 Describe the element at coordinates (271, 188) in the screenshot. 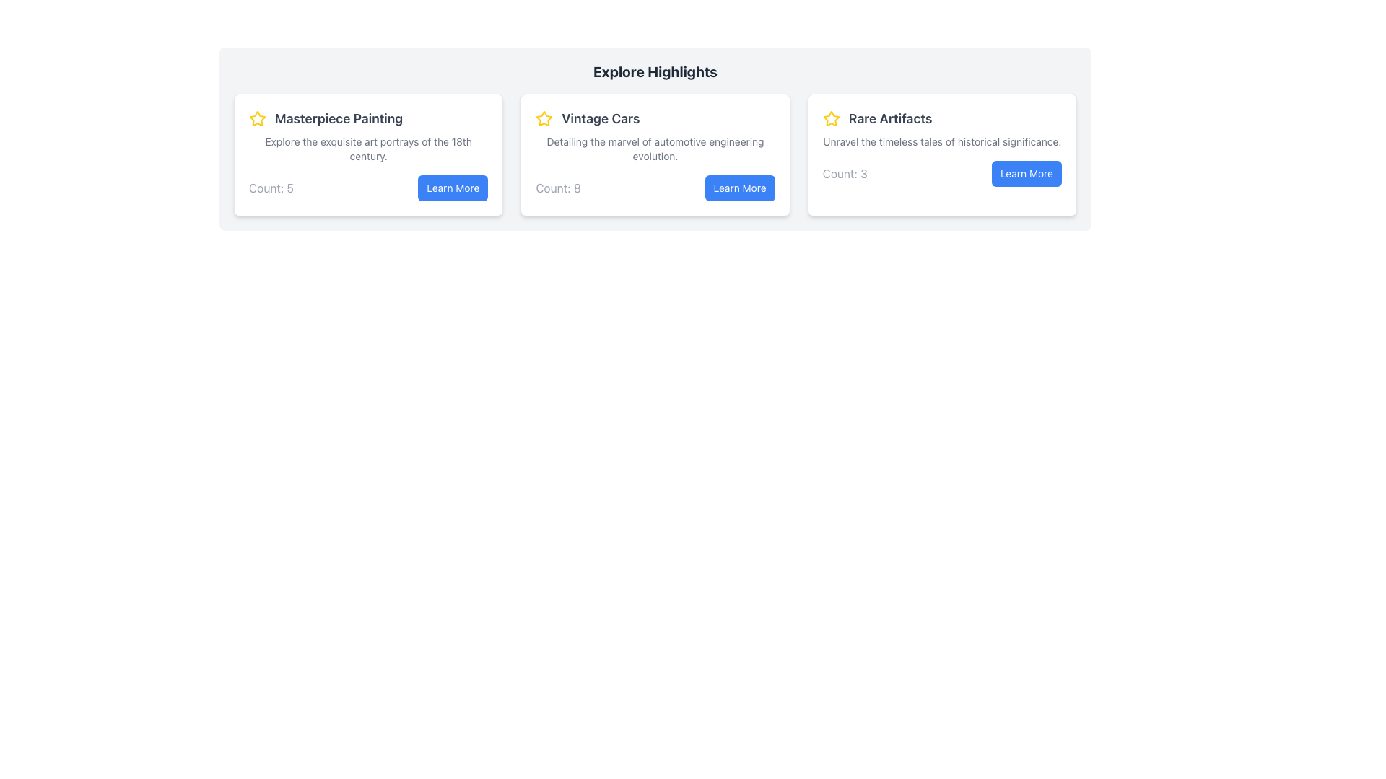

I see `the text label displaying 'Count: 5' in gray font, which is located at the bottom-left of the 'Masterpiece Painting' card, adjacent to the 'Learn More' button` at that location.